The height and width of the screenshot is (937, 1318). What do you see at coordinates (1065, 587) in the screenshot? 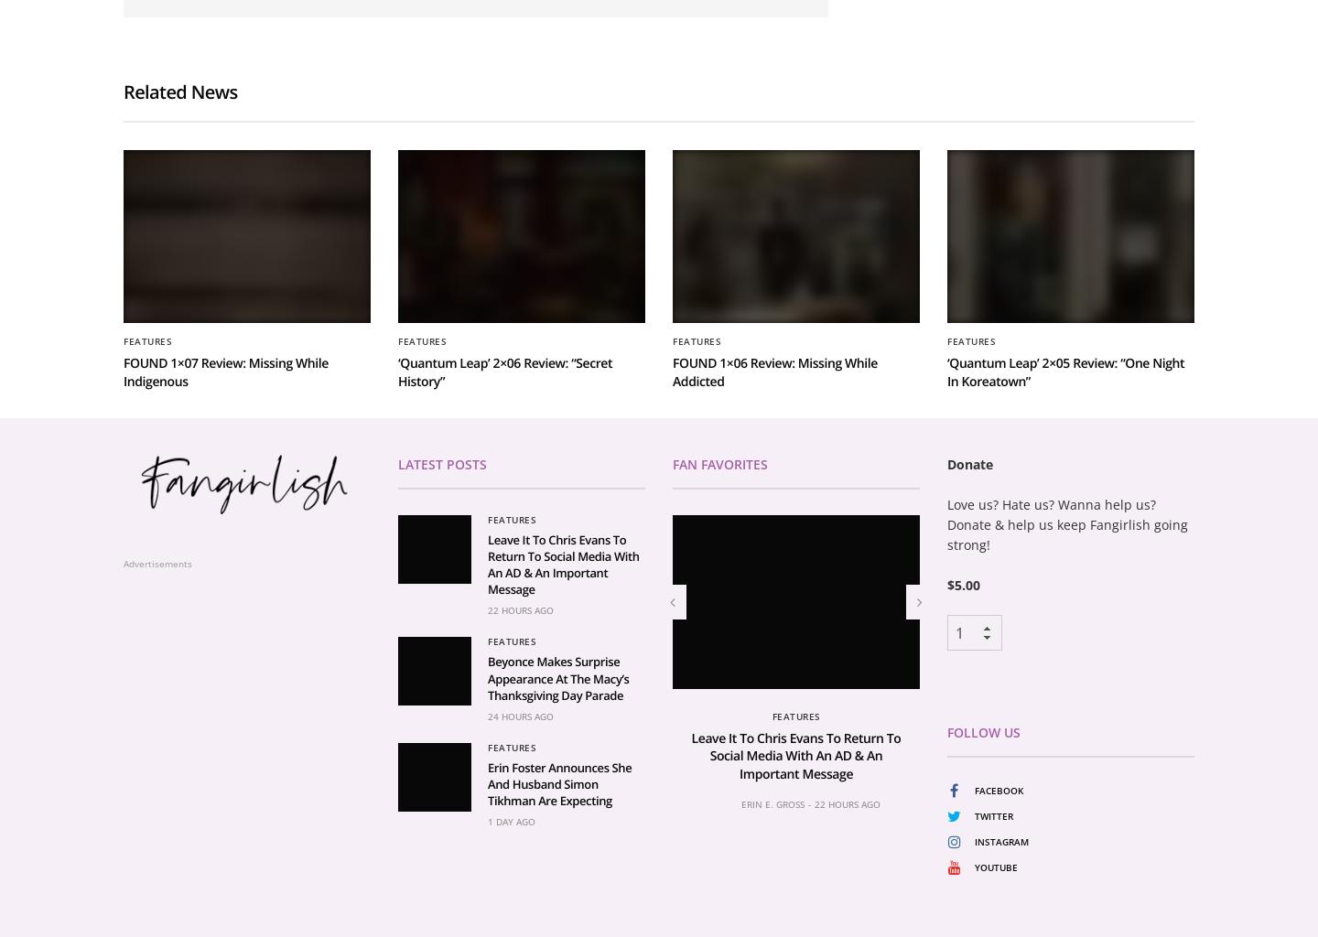
I see `'‘Quantum Leap’ 2×05 Review: “One Night In Koreatown”'` at bounding box center [1065, 587].